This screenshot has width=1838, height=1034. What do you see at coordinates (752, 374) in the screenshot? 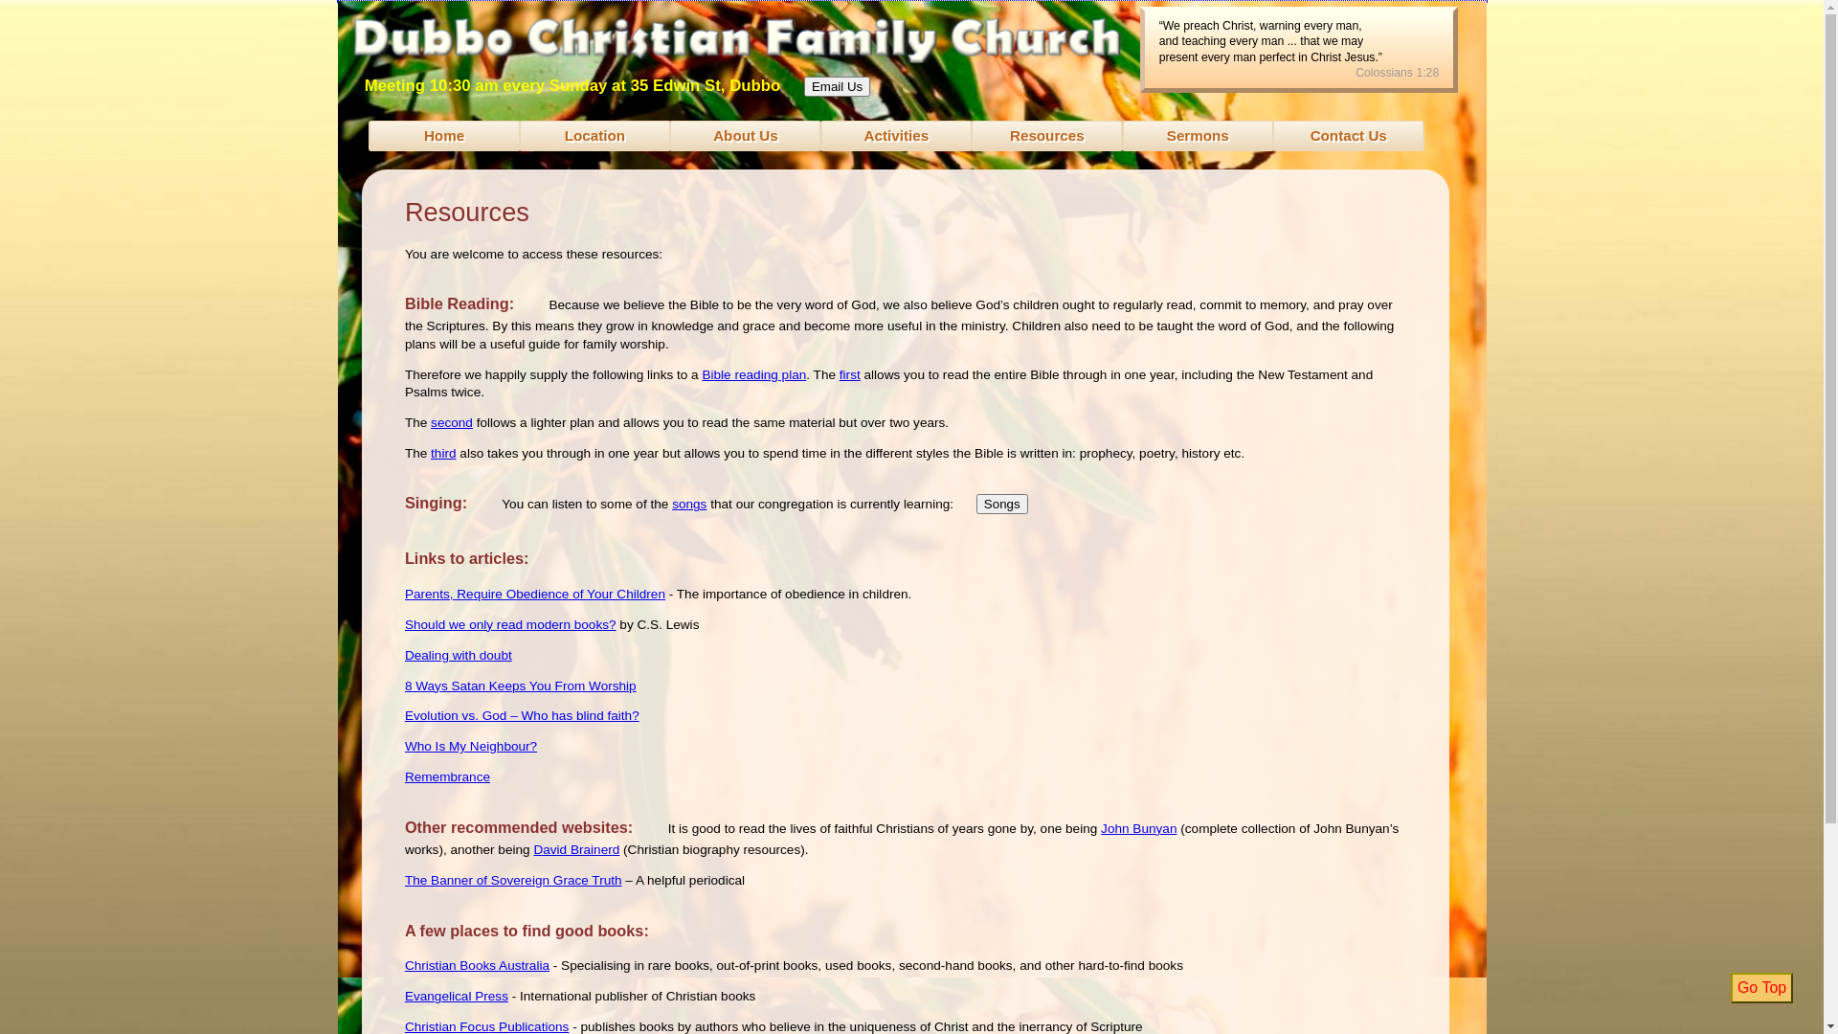
I see `'Bible reading plan'` at bounding box center [752, 374].